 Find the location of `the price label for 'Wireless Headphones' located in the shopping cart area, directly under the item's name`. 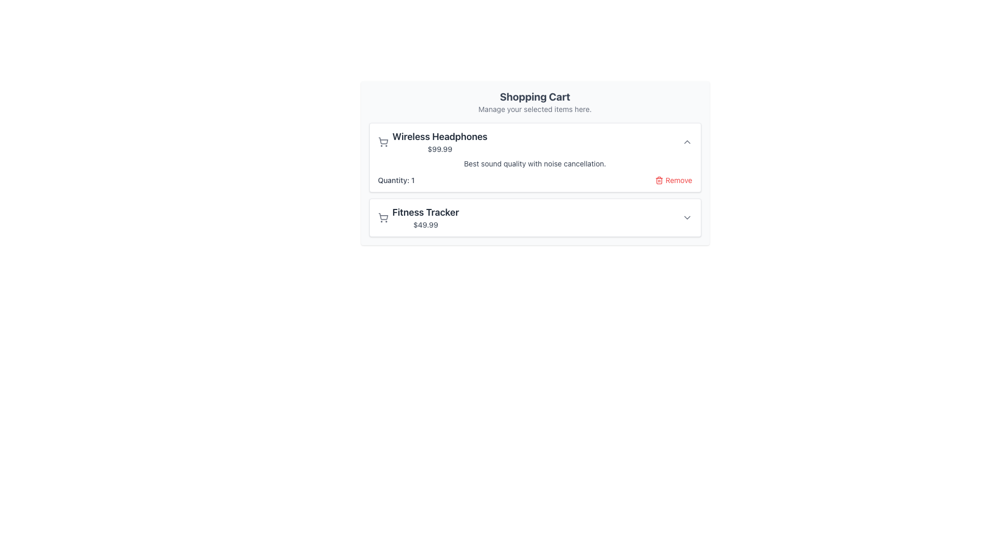

the price label for 'Wireless Headphones' located in the shopping cart area, directly under the item's name is located at coordinates (440, 149).